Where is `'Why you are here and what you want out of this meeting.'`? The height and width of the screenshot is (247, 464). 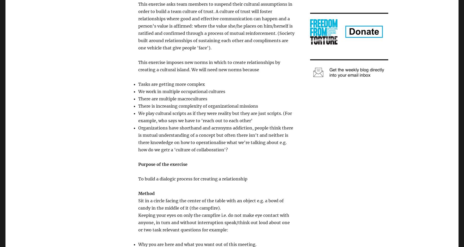 'Why you are here and what you want out of this meeting.' is located at coordinates (197, 244).